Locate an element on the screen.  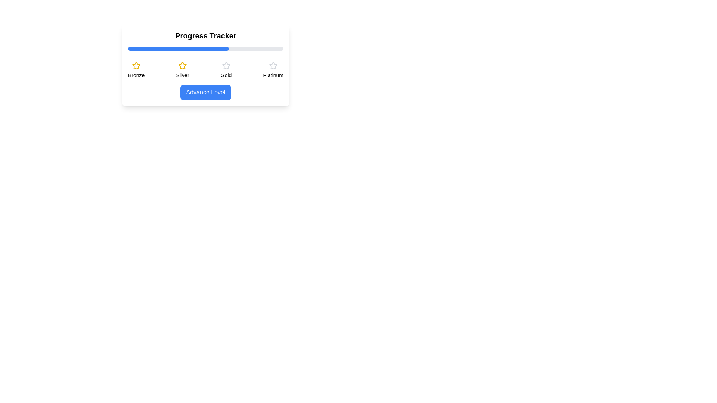
the static progress indicator that visually represents 65% completion, located above the 'Advance Level' button and below the 'Progress Tracker' label is located at coordinates (178, 49).